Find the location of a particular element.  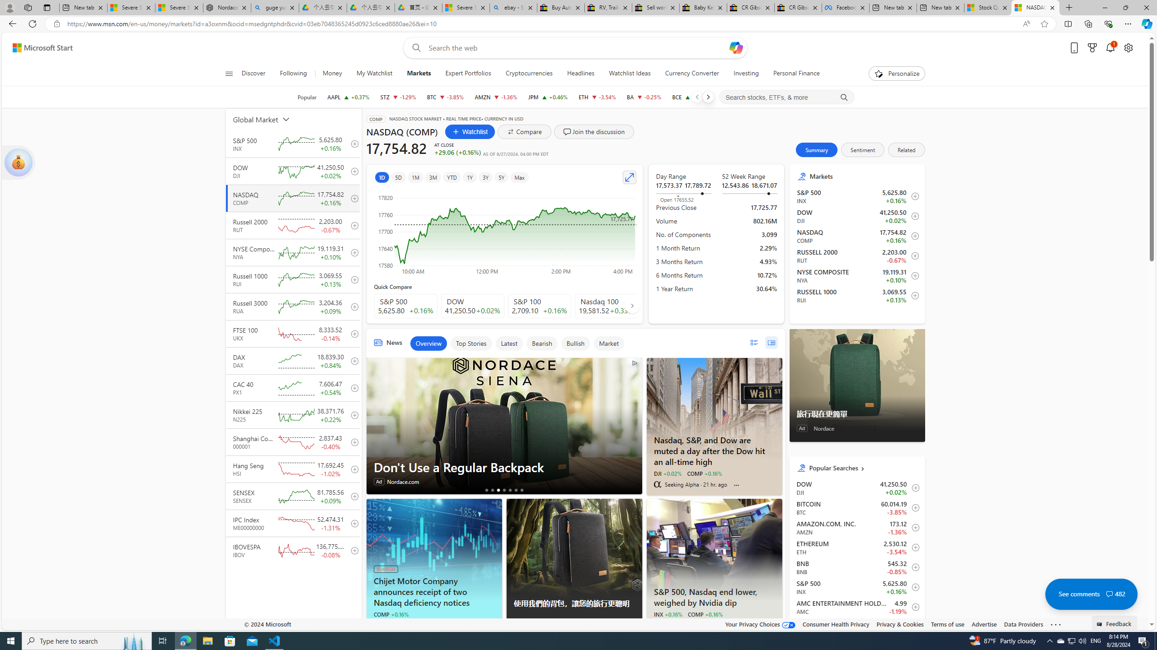

'Watchlist Ideas' is located at coordinates (629, 73).